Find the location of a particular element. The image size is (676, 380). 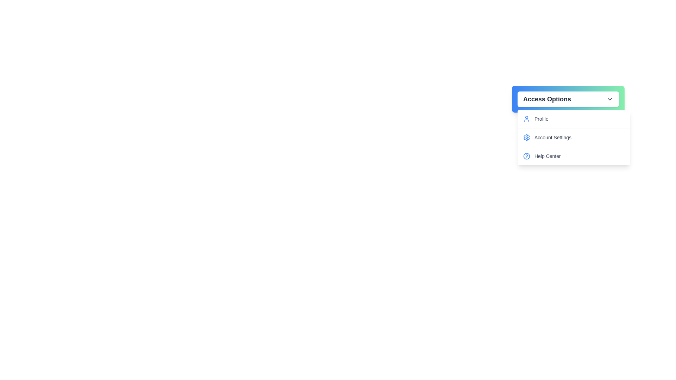

the 'Account Settings' option in the dropdown menu displayed under the 'Access Options' button, which is the second item in the list of options is located at coordinates (574, 137).